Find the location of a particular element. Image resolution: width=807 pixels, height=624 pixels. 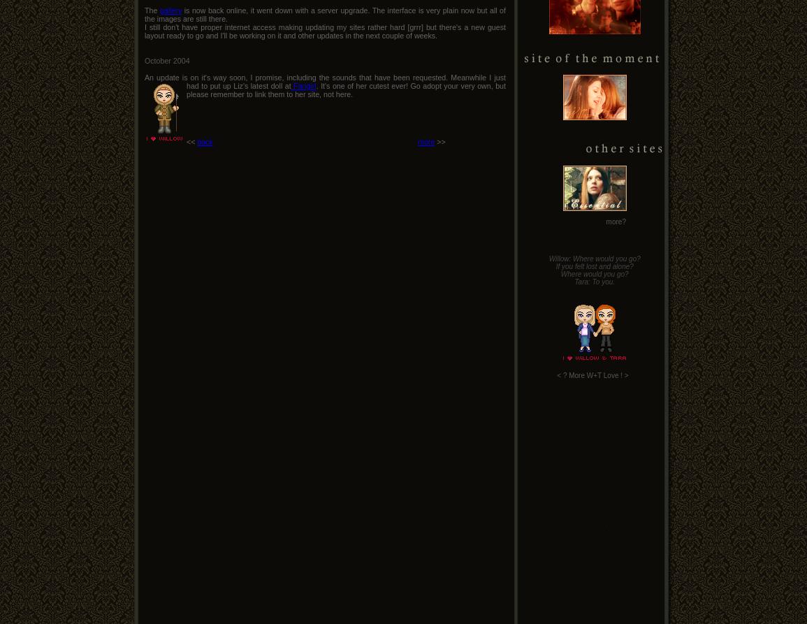

'<' is located at coordinates (558, 375).